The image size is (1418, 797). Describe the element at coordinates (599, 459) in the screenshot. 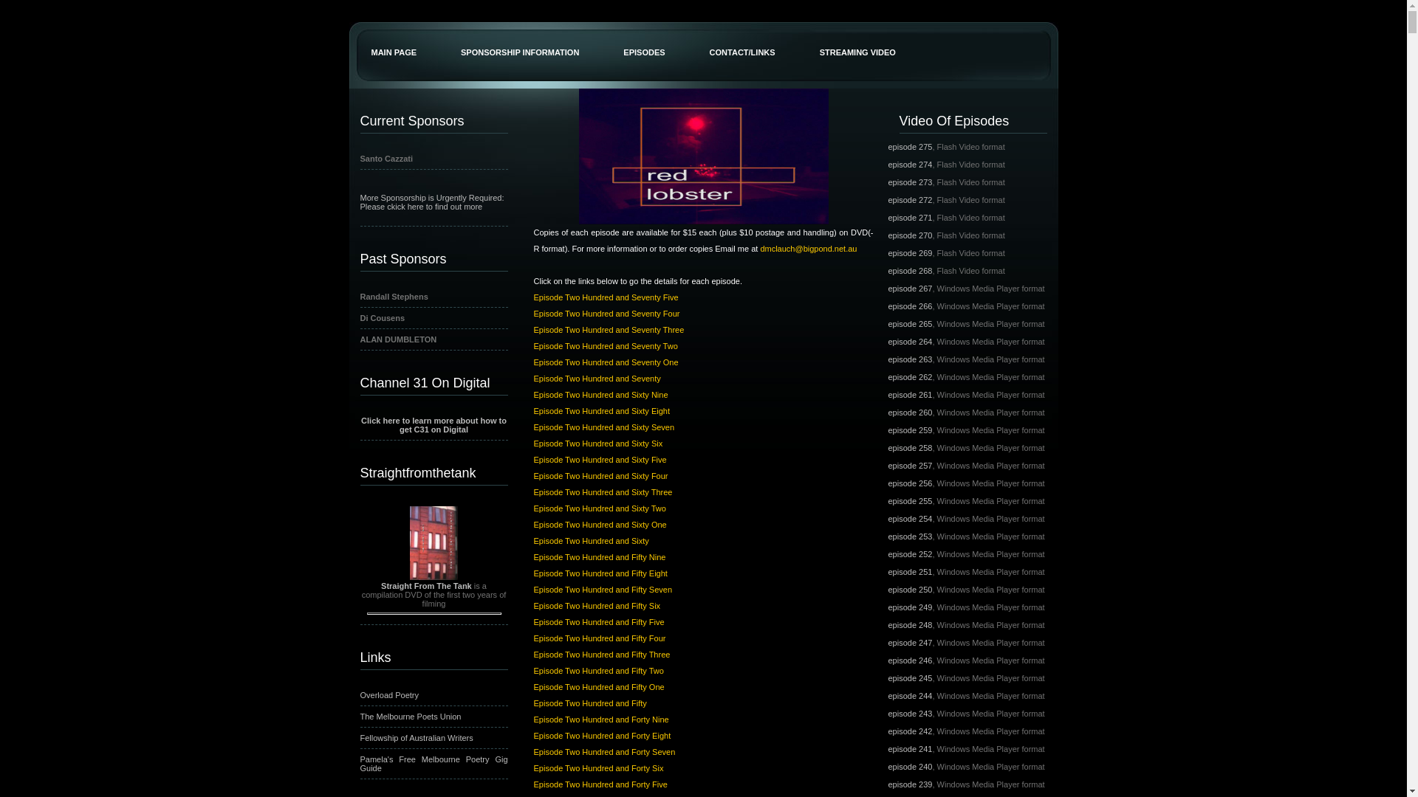

I see `'Episode Two Hundred and Sixty Five'` at that location.